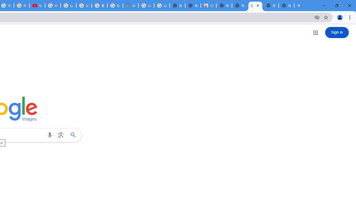  Describe the element at coordinates (115, 6) in the screenshot. I see `'Explore new street-level details - Google Maps Help'` at that location.